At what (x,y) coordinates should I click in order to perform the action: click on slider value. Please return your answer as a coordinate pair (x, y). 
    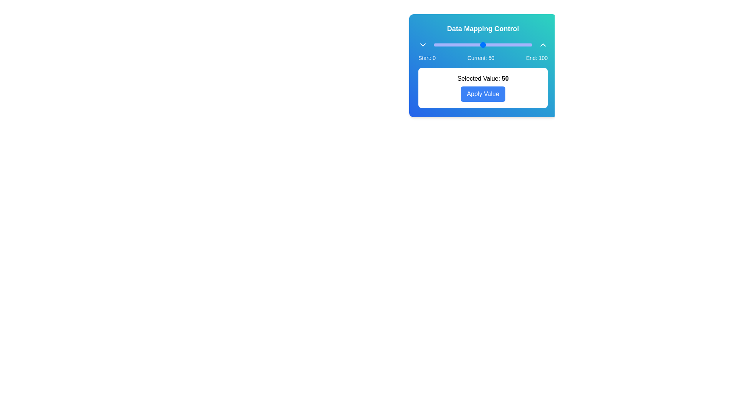
    Looking at the image, I should click on (512, 43).